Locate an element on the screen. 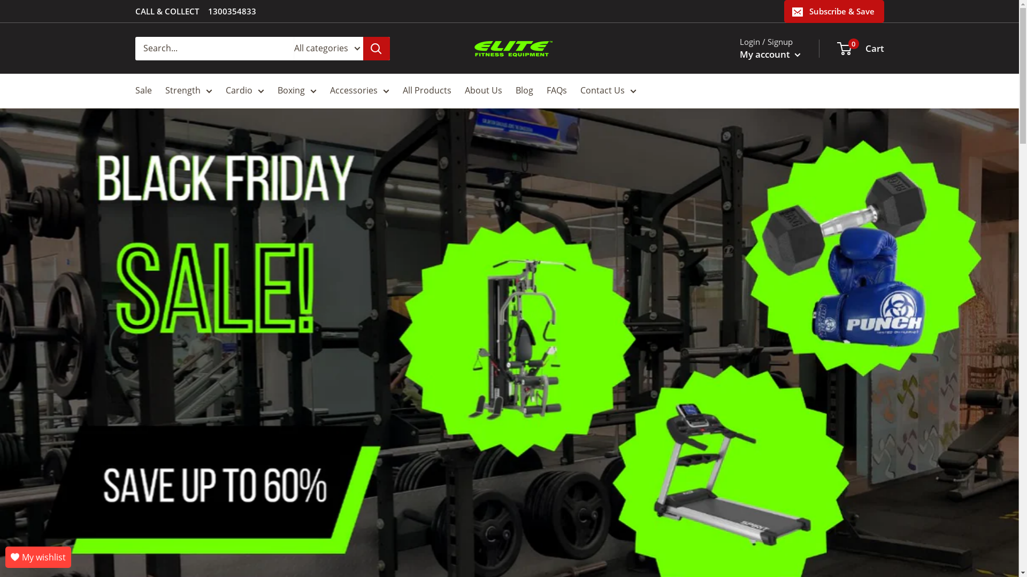  'Boxing' is located at coordinates (296, 90).